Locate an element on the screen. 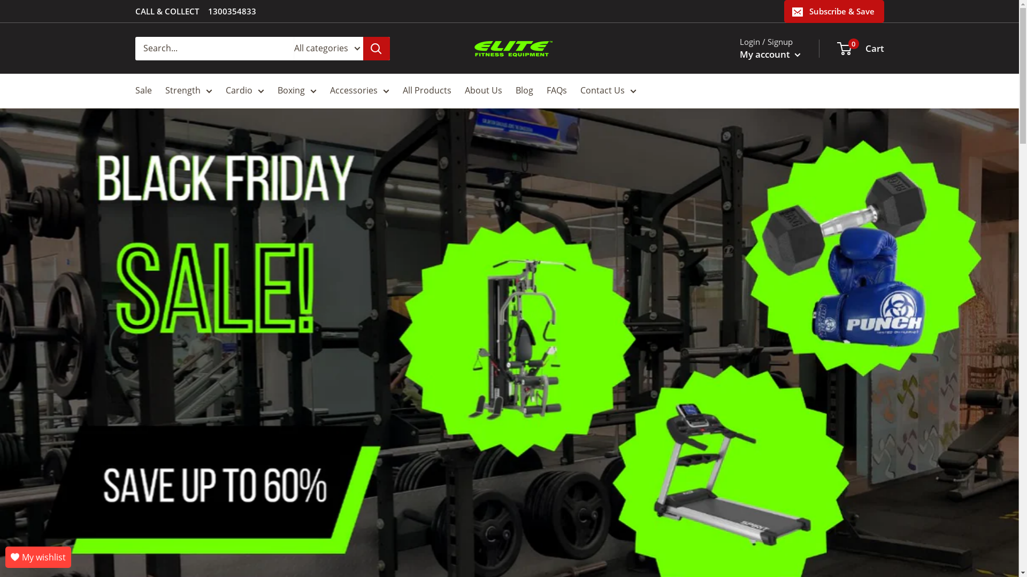  'Boxing' is located at coordinates (296, 90).